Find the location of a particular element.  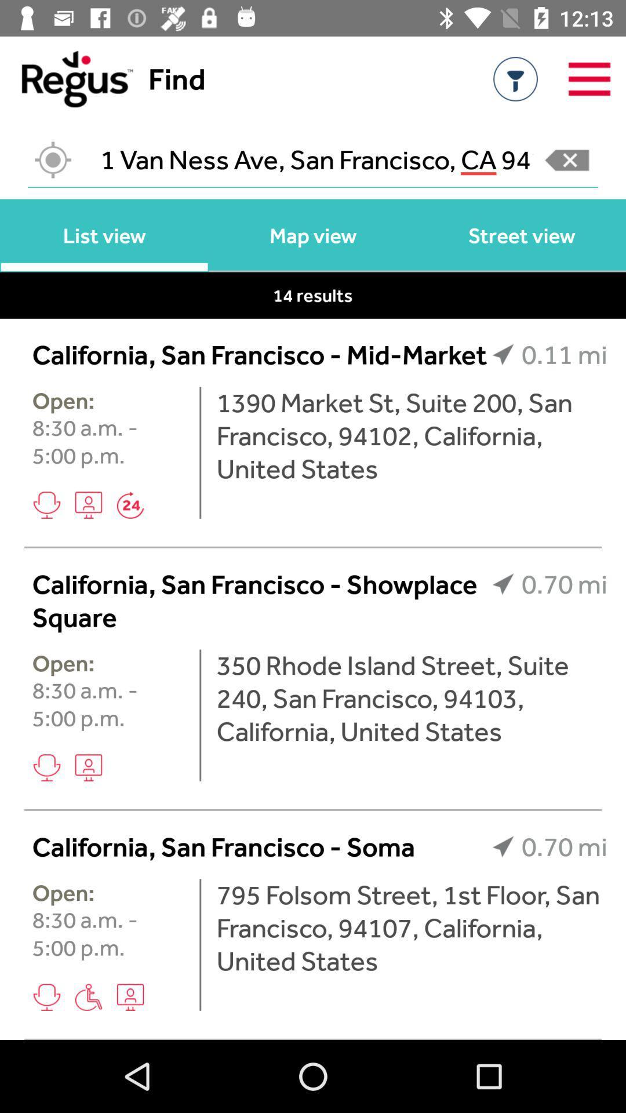

click on home page is located at coordinates (66, 78).